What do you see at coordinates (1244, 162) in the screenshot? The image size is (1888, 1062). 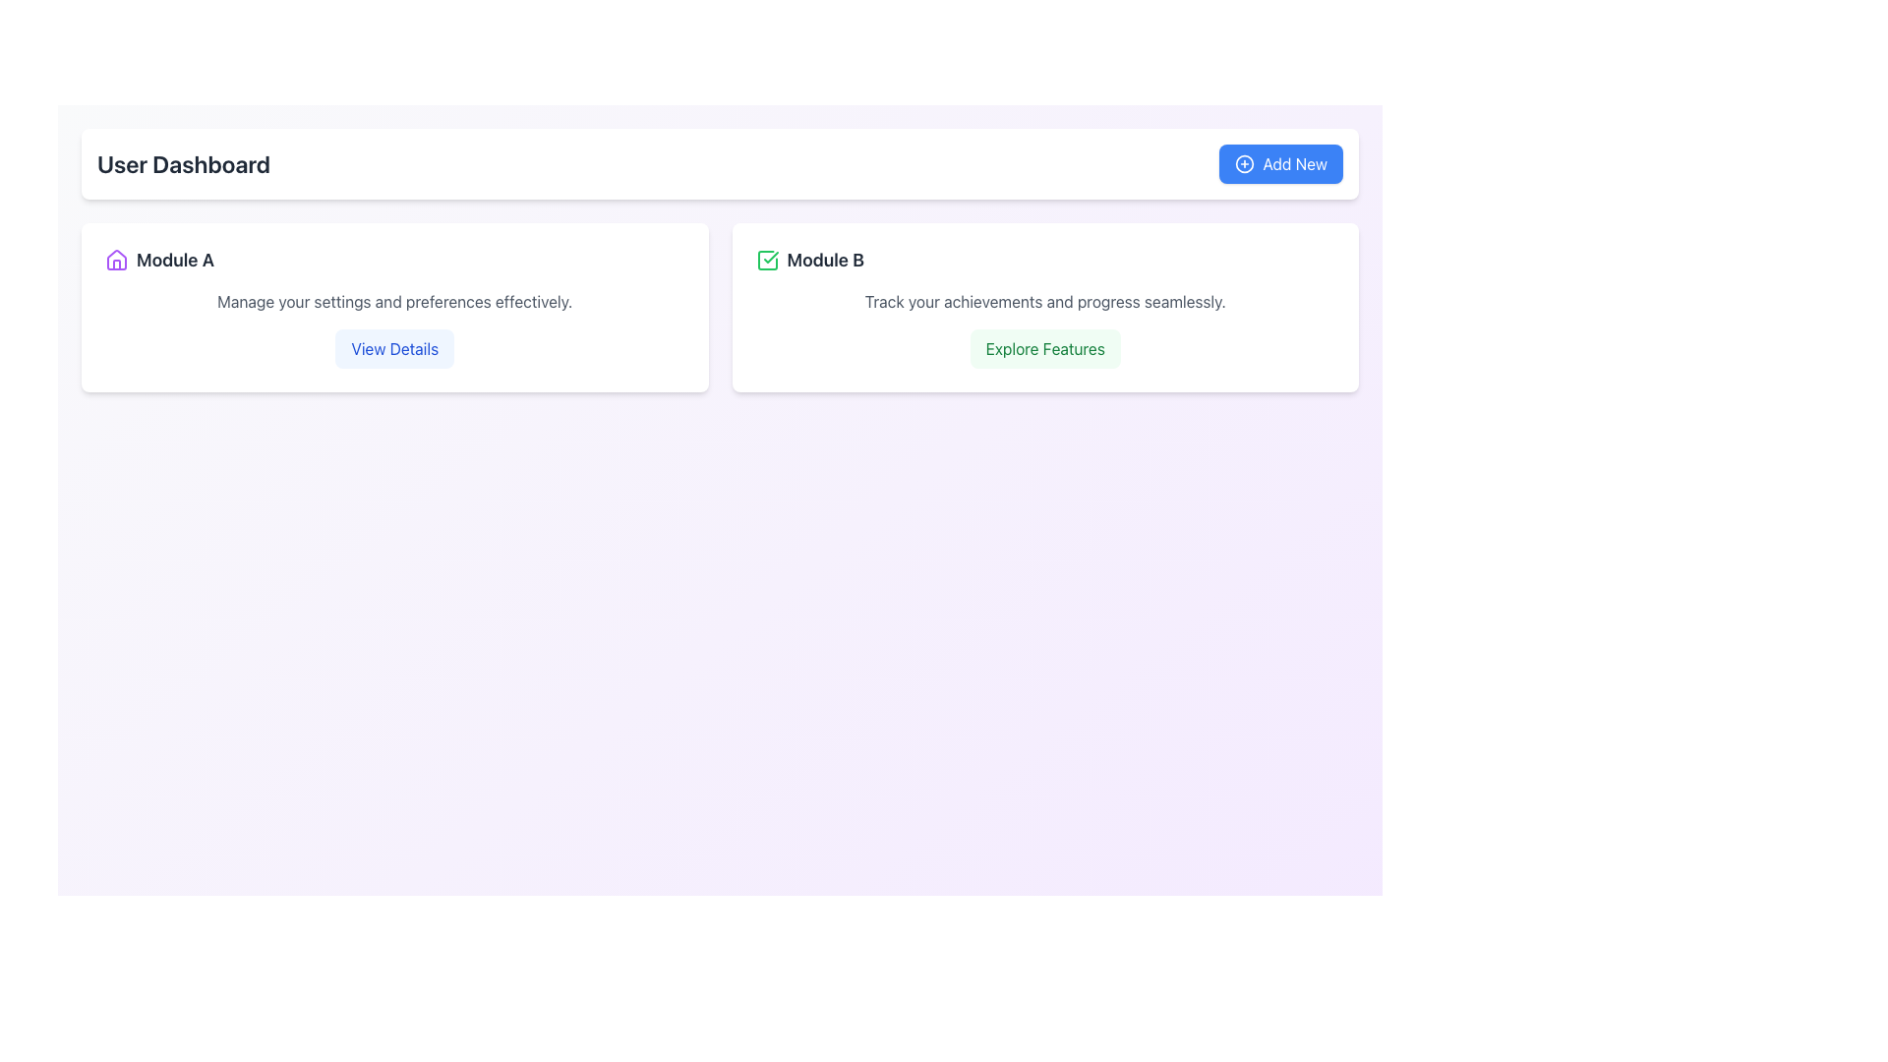 I see `the leftmost icon within the 'Add New' button` at bounding box center [1244, 162].